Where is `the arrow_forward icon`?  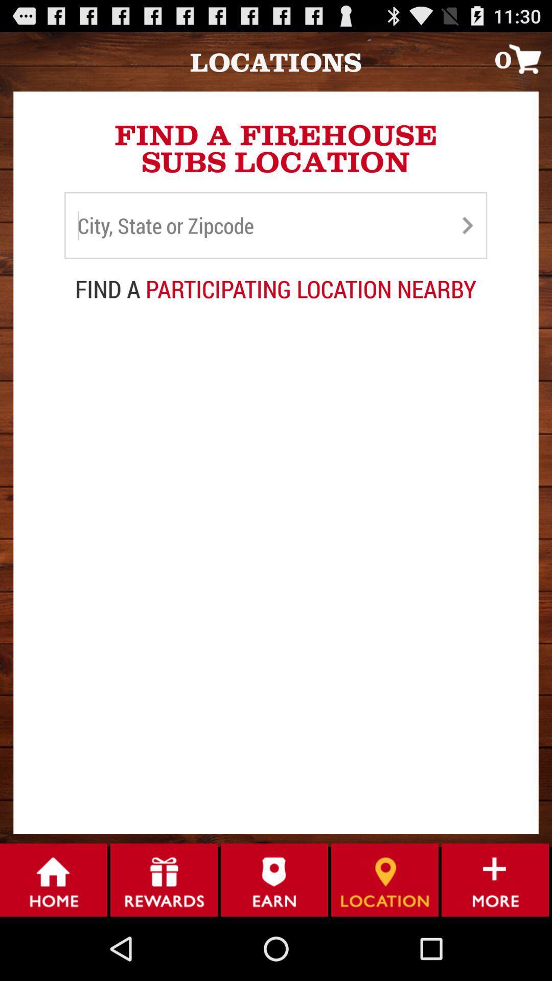
the arrow_forward icon is located at coordinates (467, 241).